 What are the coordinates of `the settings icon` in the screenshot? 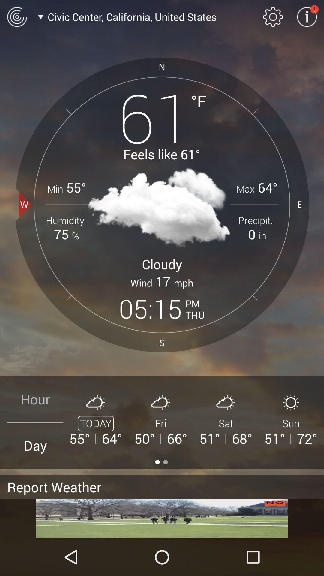 It's located at (273, 17).